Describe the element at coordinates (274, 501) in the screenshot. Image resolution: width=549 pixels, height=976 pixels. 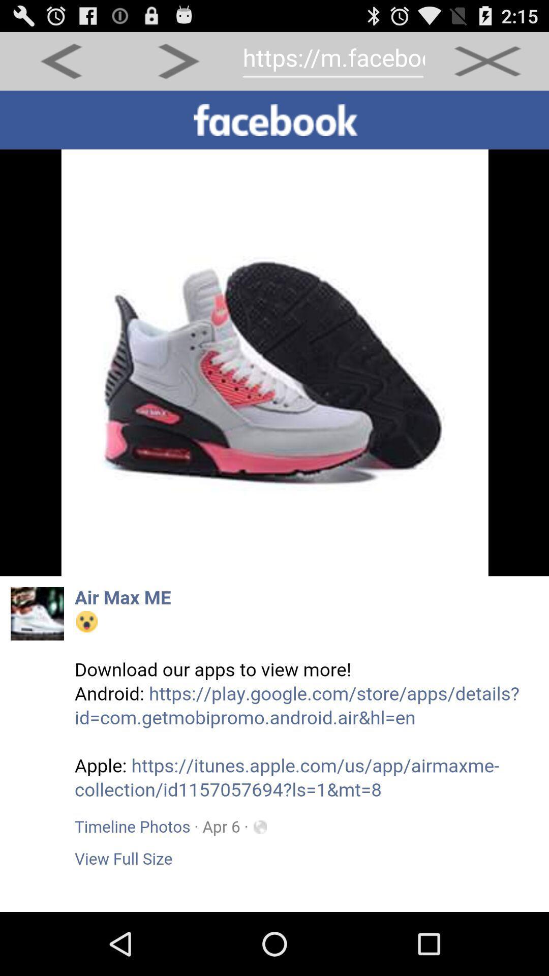
I see `shose` at that location.